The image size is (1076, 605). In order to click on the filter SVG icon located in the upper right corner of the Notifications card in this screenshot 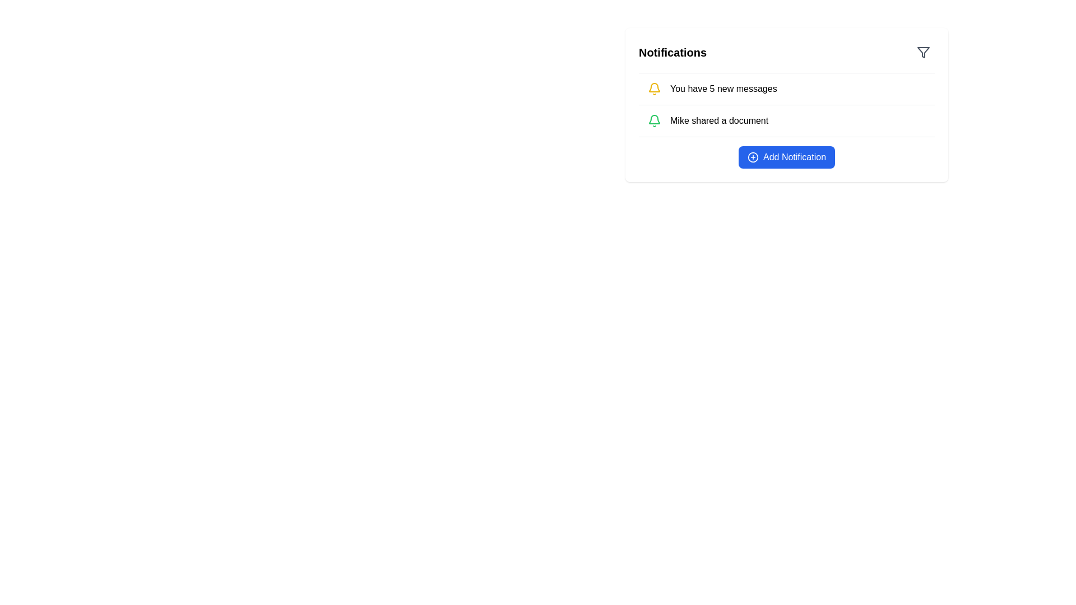, I will do `click(923, 52)`.